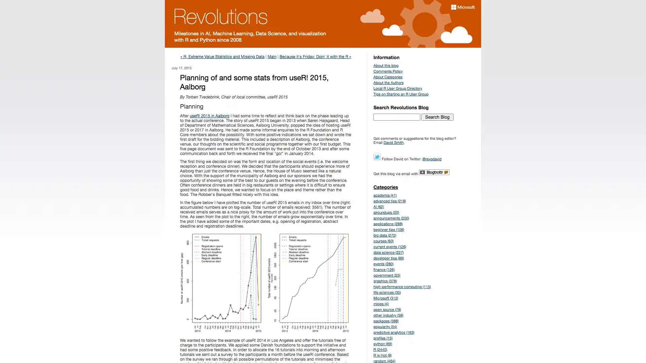  I want to click on Search Blog, so click(437, 117).